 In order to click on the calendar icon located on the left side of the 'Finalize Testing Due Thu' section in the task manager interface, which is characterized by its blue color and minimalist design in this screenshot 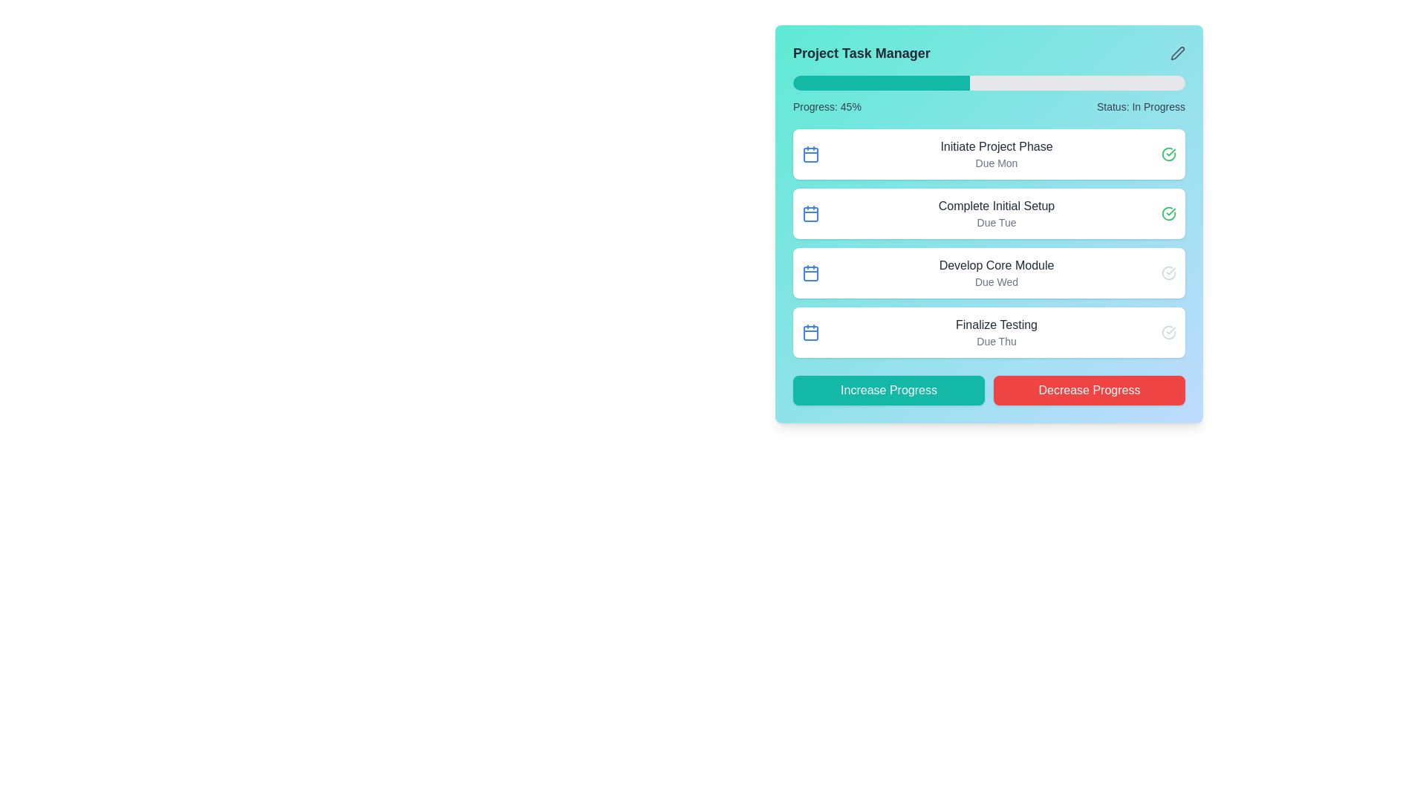, I will do `click(810, 331)`.